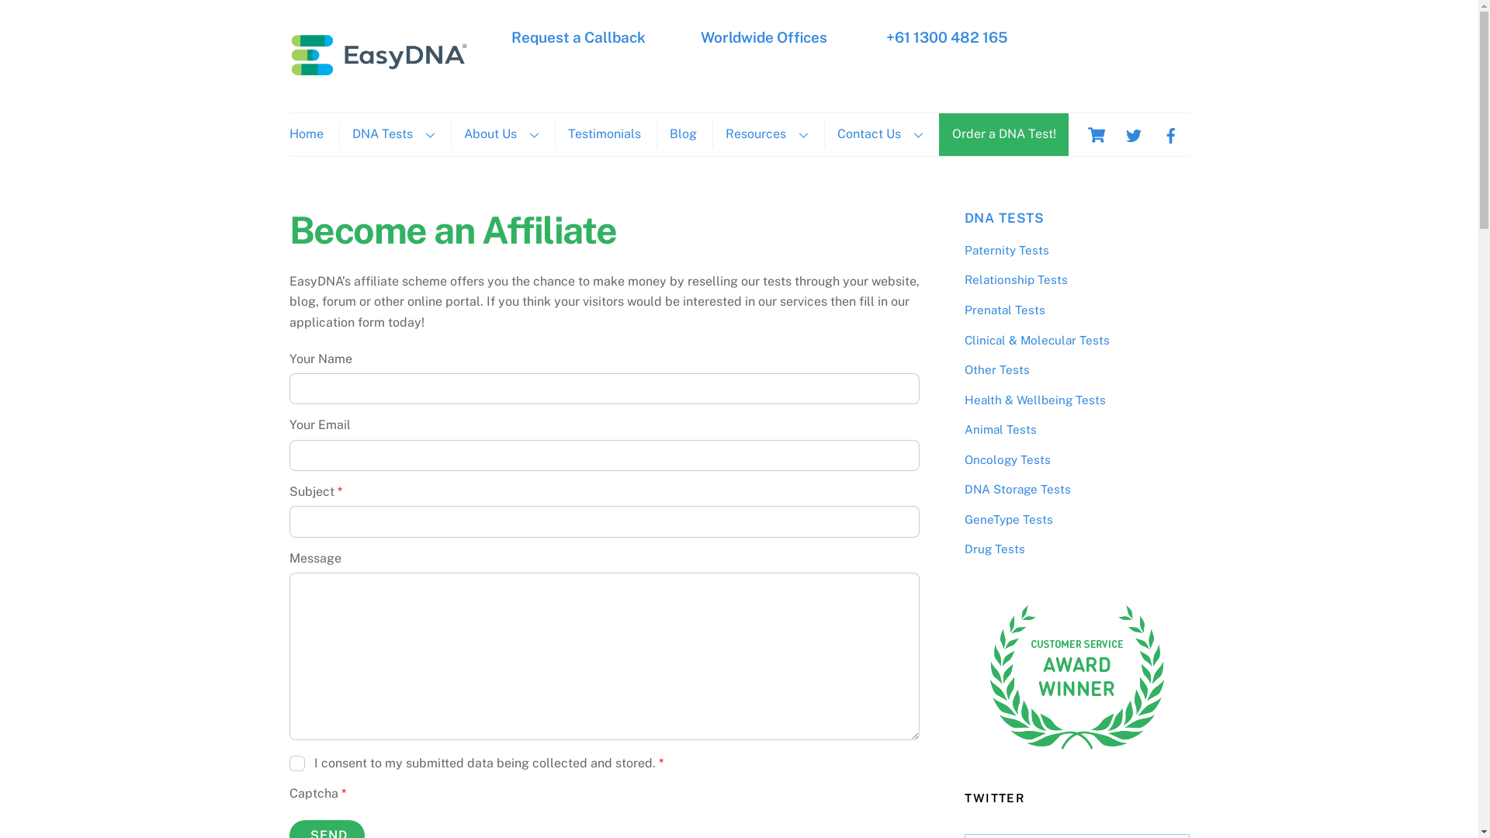 The height and width of the screenshot is (838, 1490). What do you see at coordinates (1004, 310) in the screenshot?
I see `'Prenatal Tests'` at bounding box center [1004, 310].